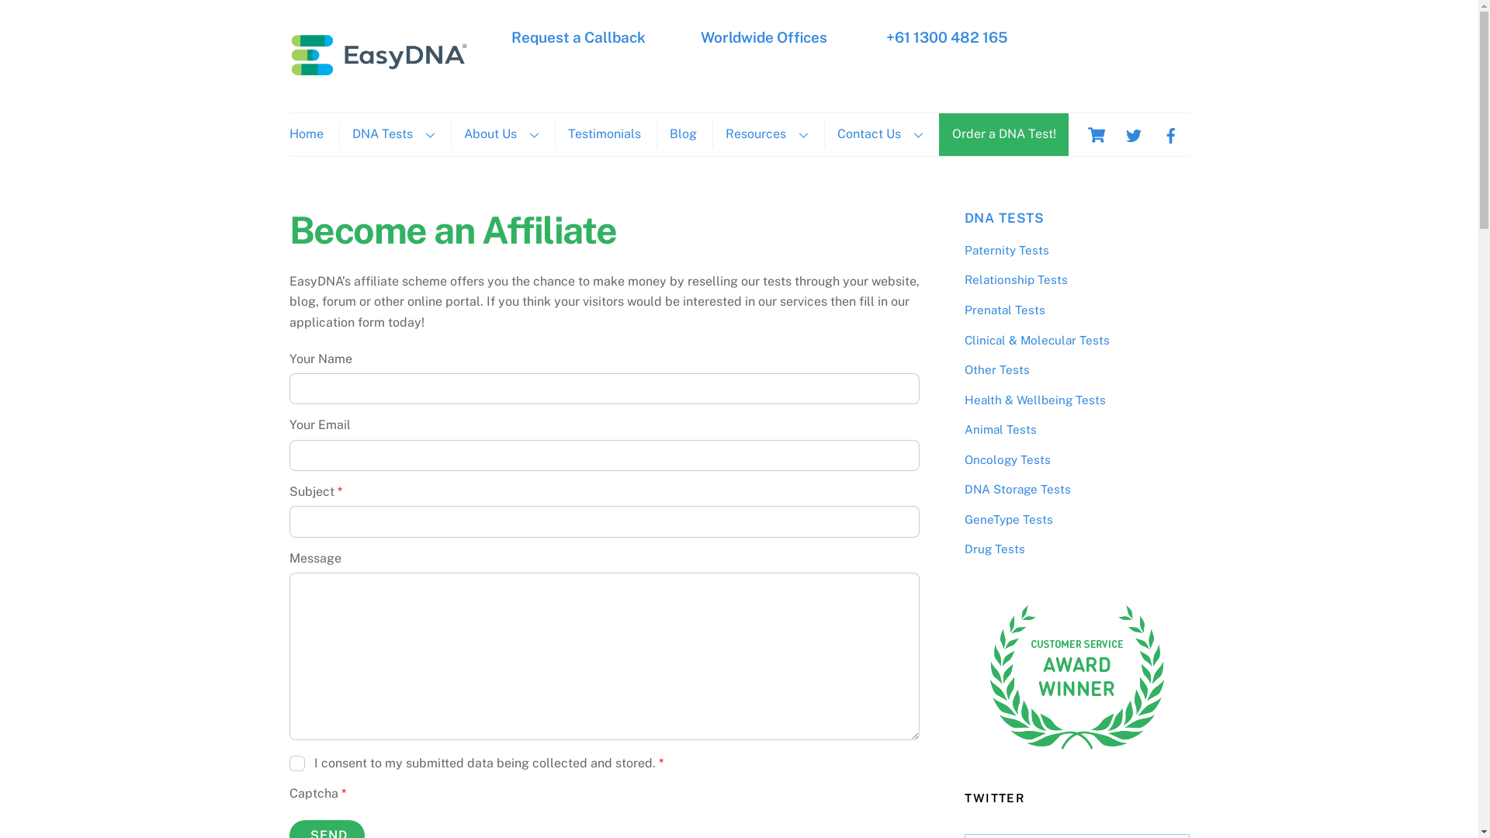 The height and width of the screenshot is (838, 1490). What do you see at coordinates (1004, 310) in the screenshot?
I see `'Prenatal Tests'` at bounding box center [1004, 310].